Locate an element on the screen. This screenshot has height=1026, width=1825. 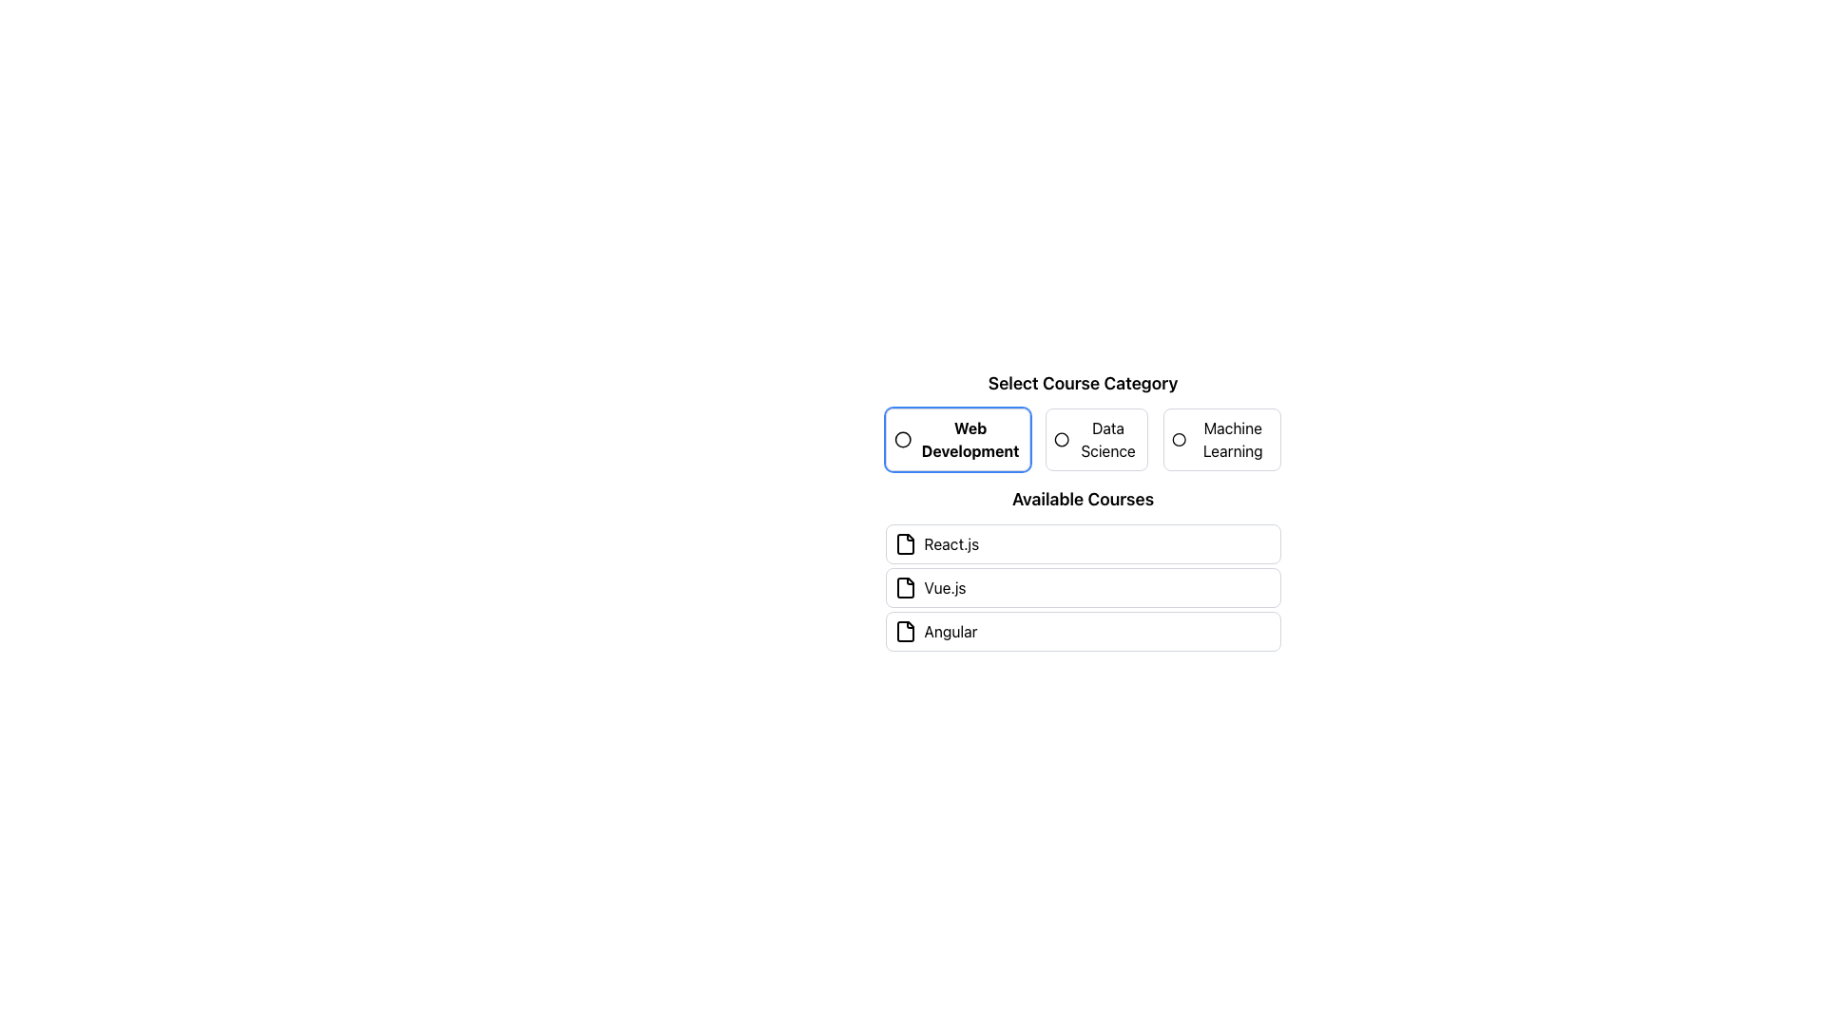
the 'Web Development' category selector option, which is the first element in the horizontally aligned button group labeled 'Select Course Category' is located at coordinates (957, 439).